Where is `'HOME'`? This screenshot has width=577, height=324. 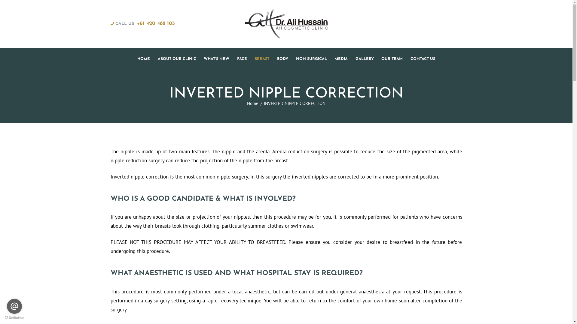
'HOME' is located at coordinates (143, 59).